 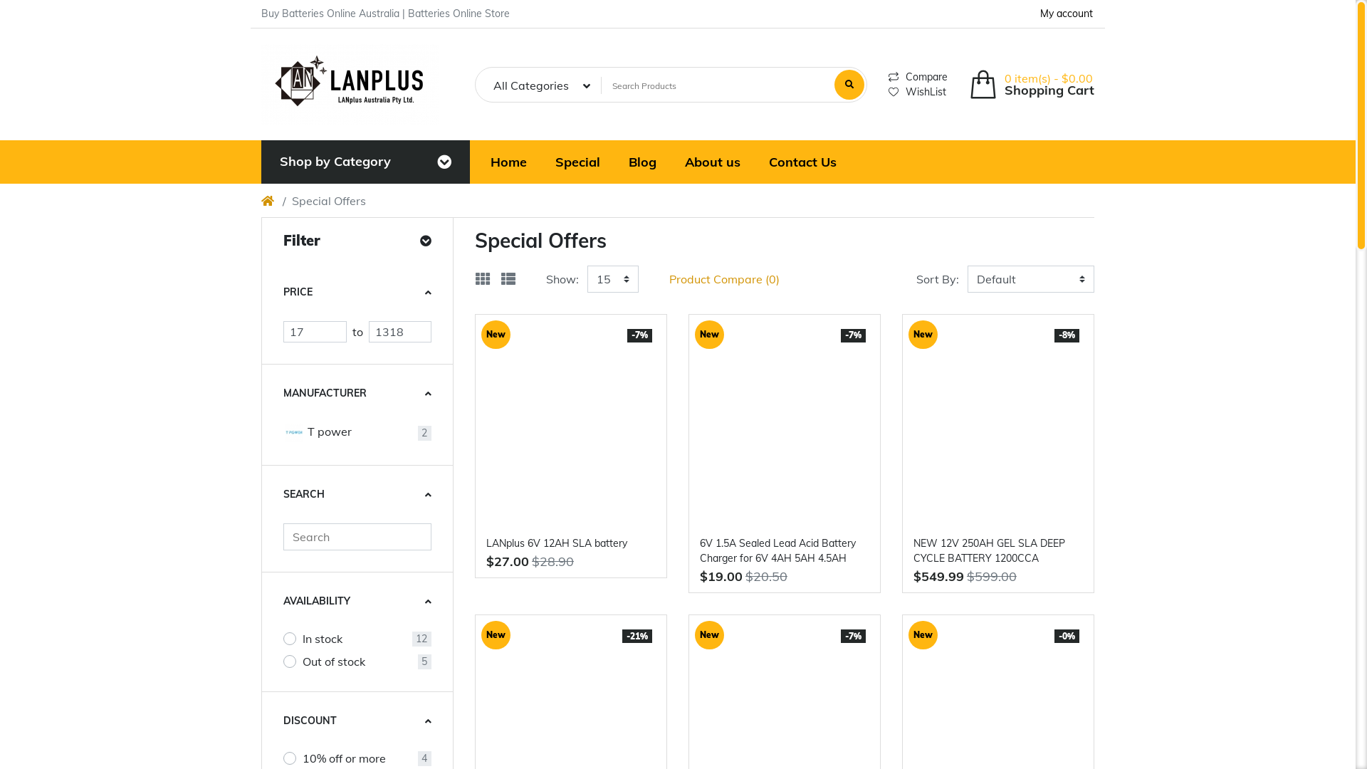 What do you see at coordinates (738, 300) in the screenshot?
I see `'Add to Cart'` at bounding box center [738, 300].